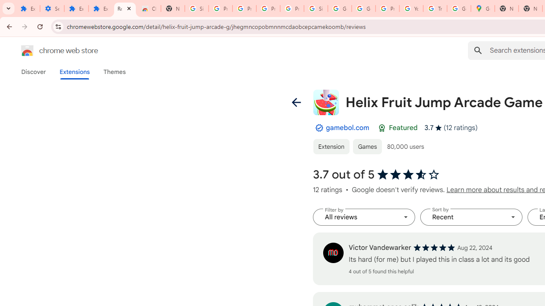 This screenshot has width=545, height=306. Describe the element at coordinates (434, 247) in the screenshot. I see `'5 out of 5 stars'` at that location.